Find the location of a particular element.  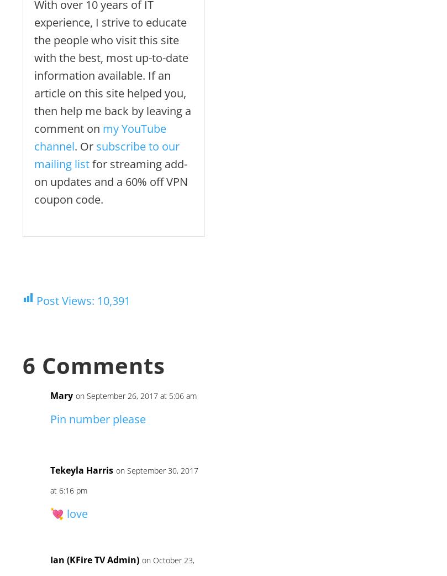

'Mary' is located at coordinates (61, 395).